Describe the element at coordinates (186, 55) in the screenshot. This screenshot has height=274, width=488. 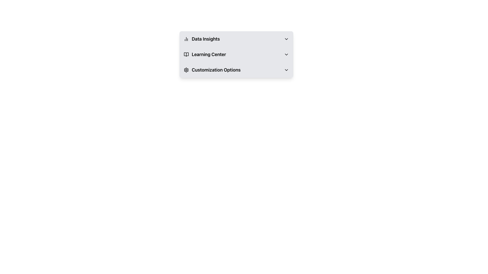
I see `the 'Learning Center' icon, which is the first item in the group to the left of the text 'Learning Center' in the dropdown menu` at that location.